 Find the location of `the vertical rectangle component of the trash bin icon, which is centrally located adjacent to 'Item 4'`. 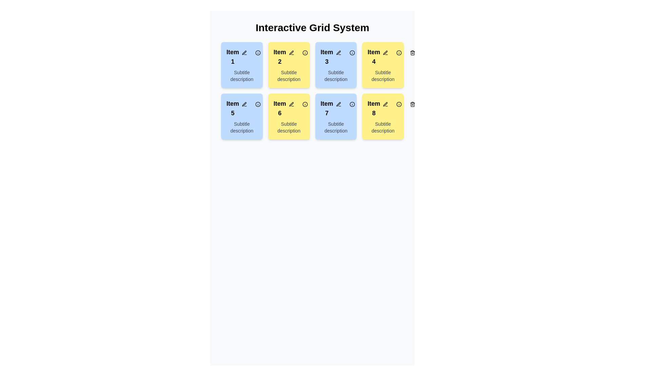

the vertical rectangle component of the trash bin icon, which is centrally located adjacent to 'Item 4' is located at coordinates (412, 53).